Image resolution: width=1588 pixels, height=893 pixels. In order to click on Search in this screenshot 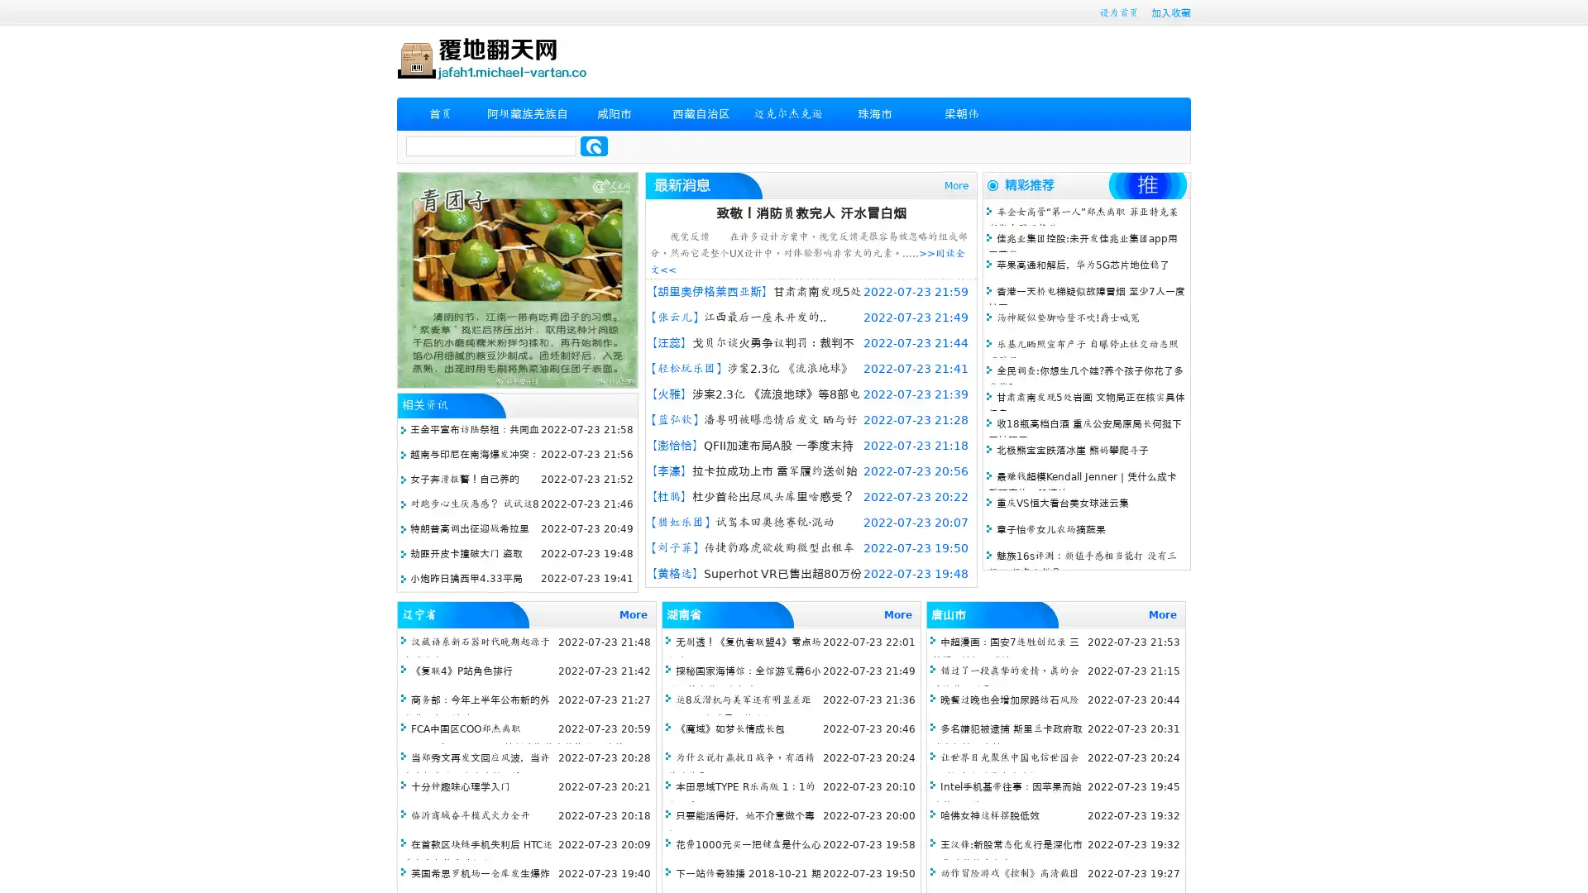, I will do `click(594, 146)`.